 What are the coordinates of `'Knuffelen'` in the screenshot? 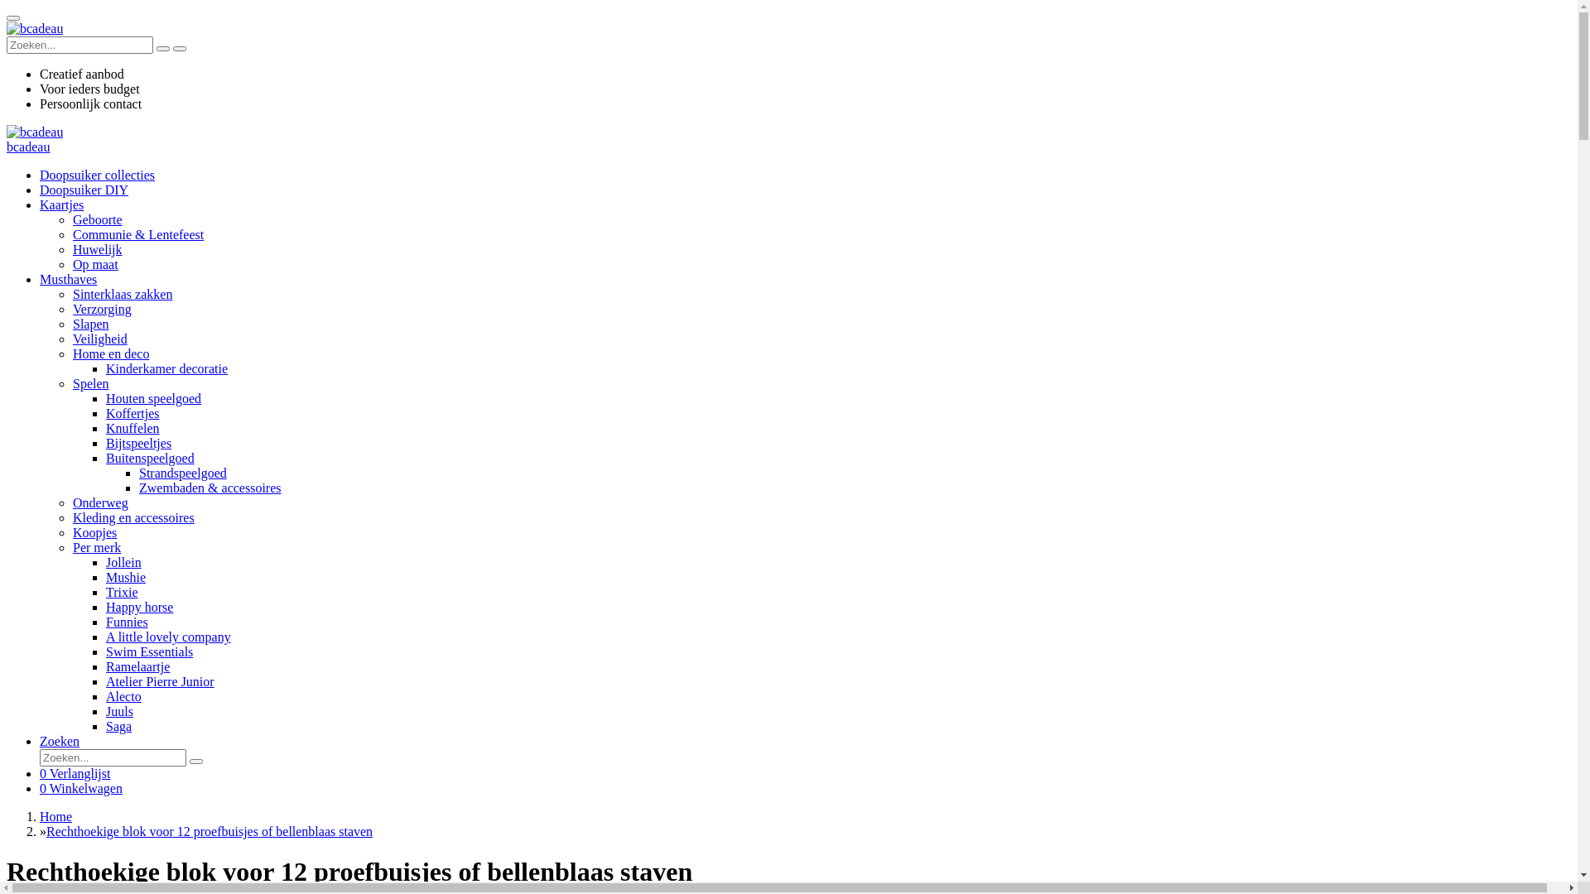 It's located at (105, 427).